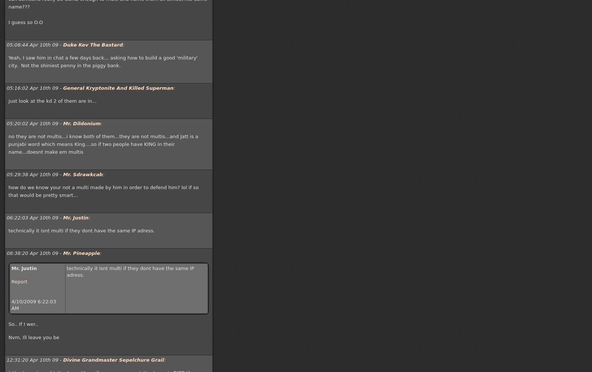 The width and height of the screenshot is (592, 372). What do you see at coordinates (34, 123) in the screenshot?
I see `'05:20:02 Apr 10th 09  -'` at bounding box center [34, 123].